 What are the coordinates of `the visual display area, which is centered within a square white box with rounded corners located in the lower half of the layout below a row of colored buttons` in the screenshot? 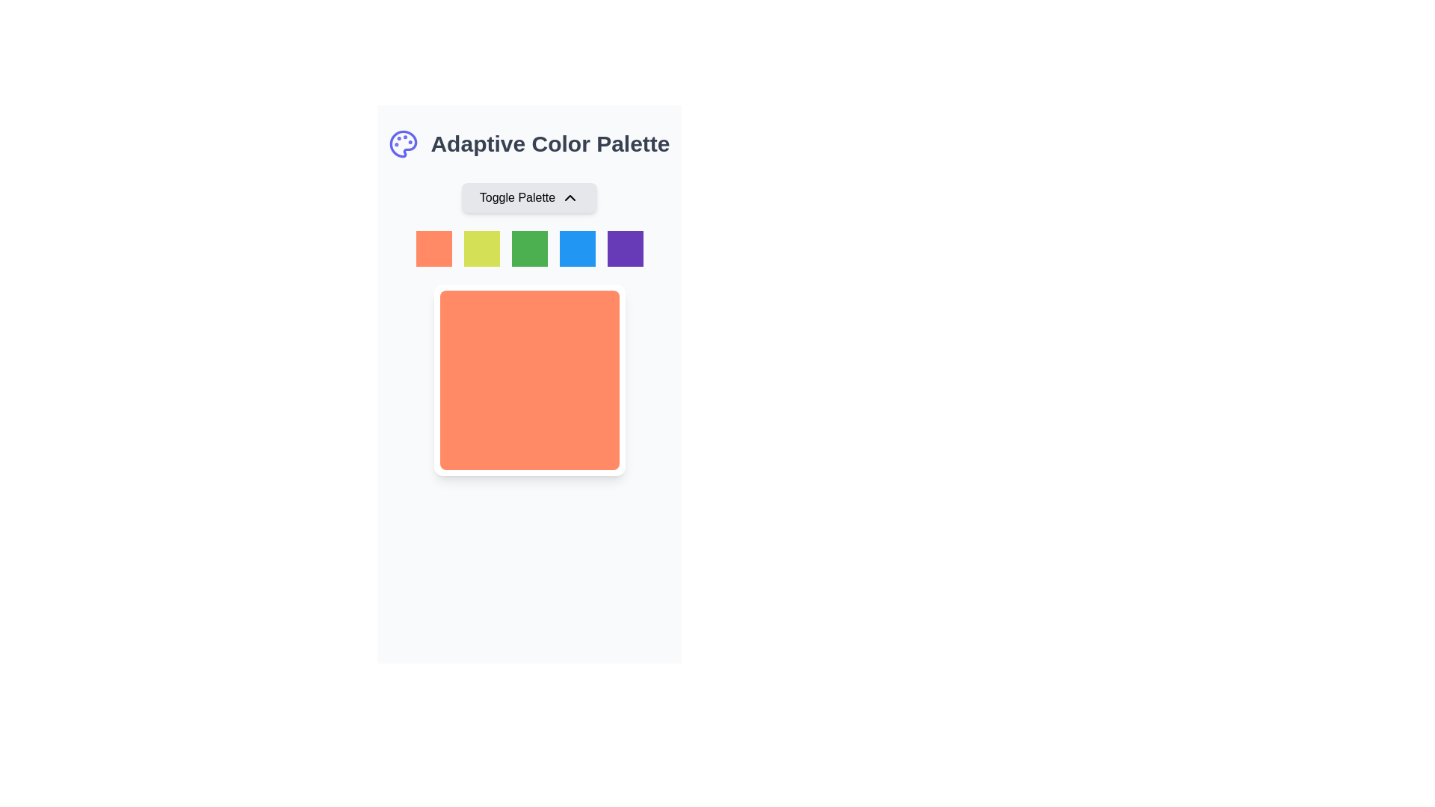 It's located at (529, 380).